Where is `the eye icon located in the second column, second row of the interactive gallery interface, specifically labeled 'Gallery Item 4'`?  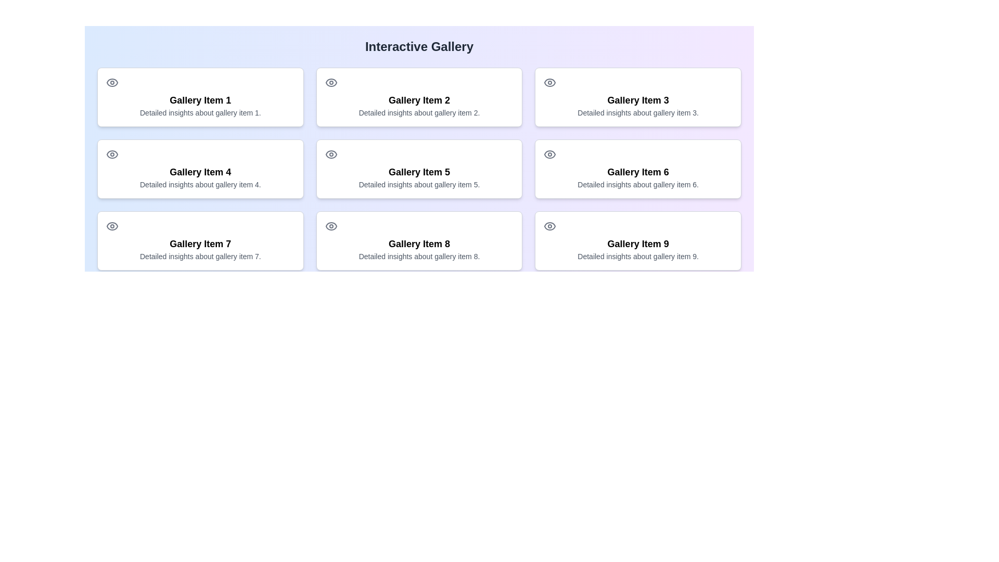
the eye icon located in the second column, second row of the interactive gallery interface, specifically labeled 'Gallery Item 4' is located at coordinates (112, 155).